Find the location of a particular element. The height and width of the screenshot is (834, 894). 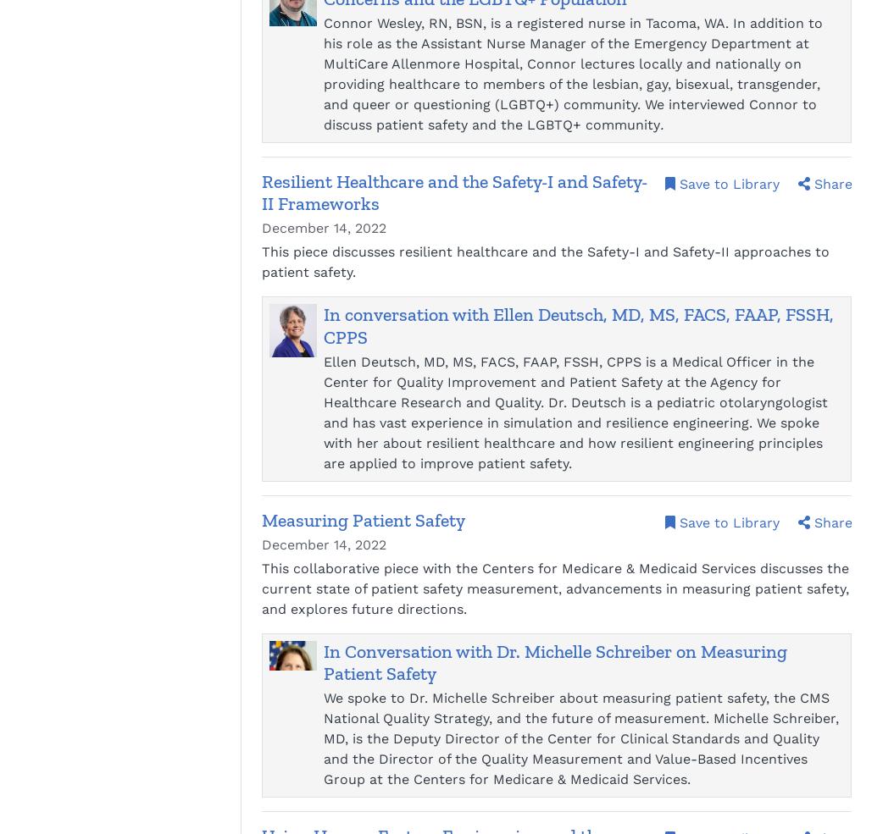

'We spoke to Dr. Michelle Schreiber about measuring patient safety, the CMS National Quality Strategy, and the future of measurement. Michelle Schreiber, MD, is the Deputy Director of the Center for Clinical Standards and Quality and the Director of the Quality Measurement and Value-Based Incentives Group at the Centers for Medicare & Medicaid Services.' is located at coordinates (580, 737).